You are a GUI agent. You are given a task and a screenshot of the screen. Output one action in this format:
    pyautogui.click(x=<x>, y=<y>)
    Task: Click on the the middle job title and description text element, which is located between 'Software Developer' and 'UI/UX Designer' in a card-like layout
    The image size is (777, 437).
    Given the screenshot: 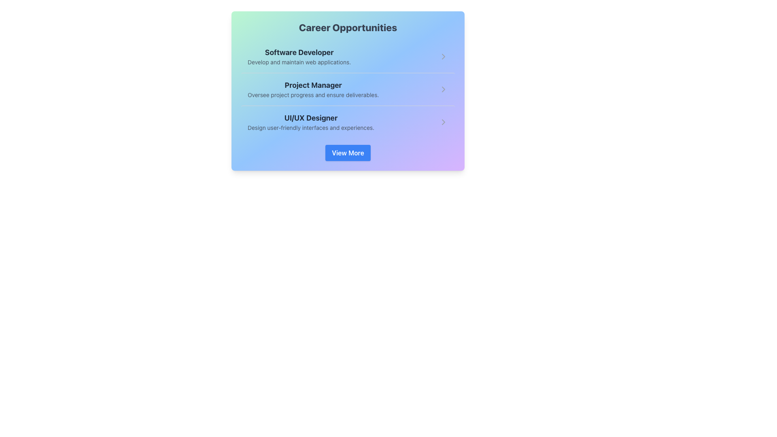 What is the action you would take?
    pyautogui.click(x=313, y=89)
    